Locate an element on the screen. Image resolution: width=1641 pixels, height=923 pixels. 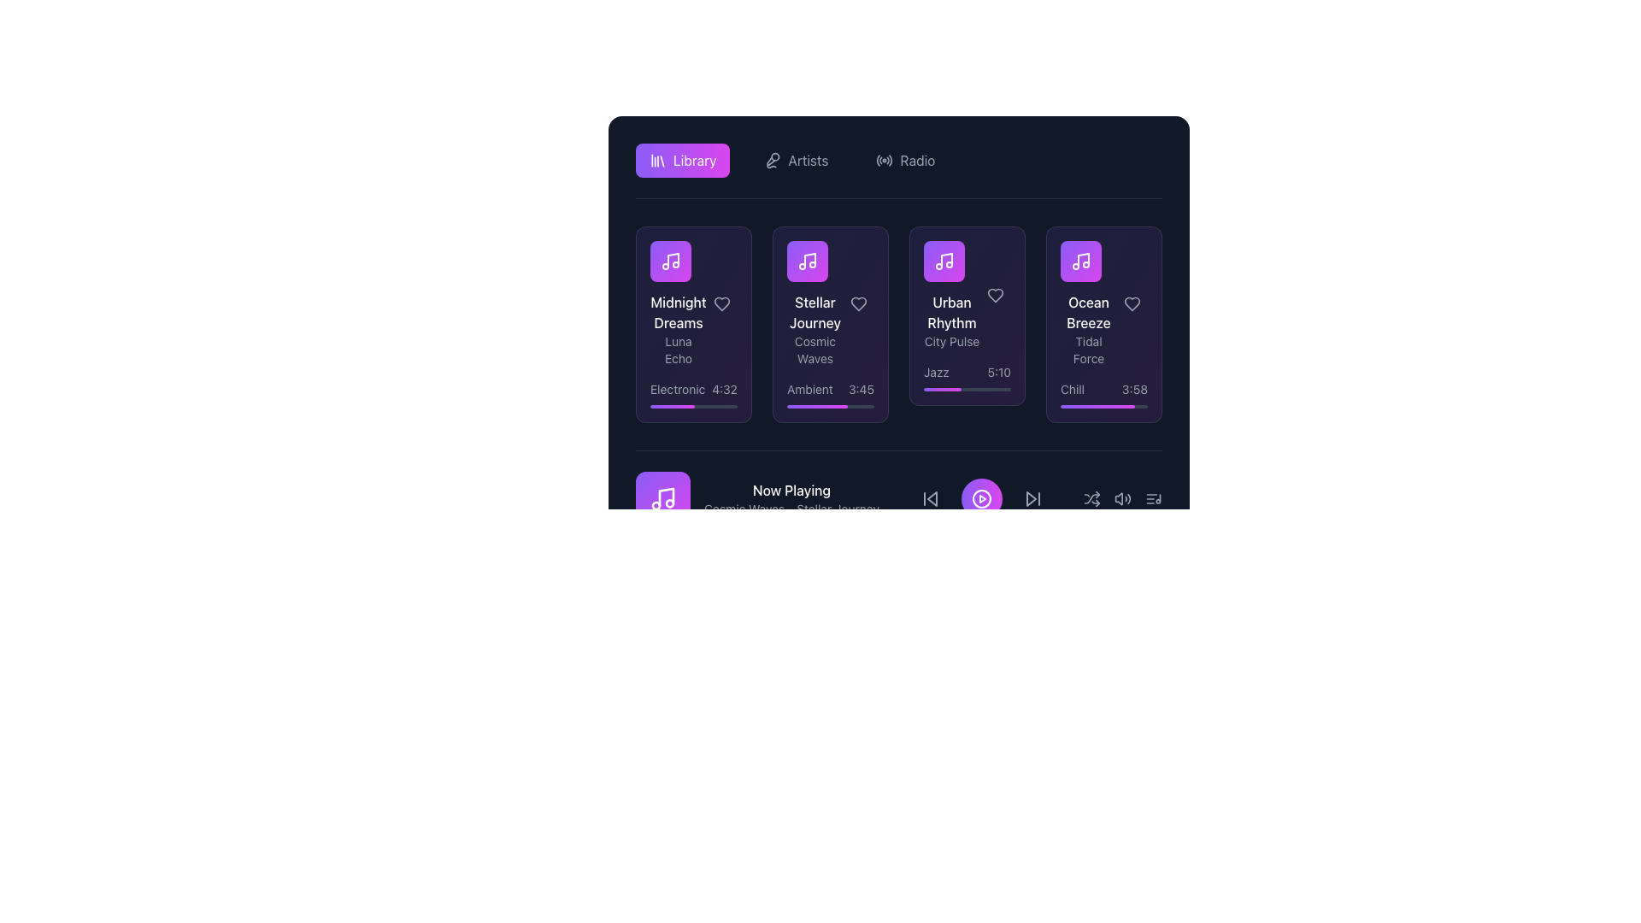
the progress indicator that visually depicts the elapsed portion of the track in the audio or video playback context is located at coordinates (792, 566).